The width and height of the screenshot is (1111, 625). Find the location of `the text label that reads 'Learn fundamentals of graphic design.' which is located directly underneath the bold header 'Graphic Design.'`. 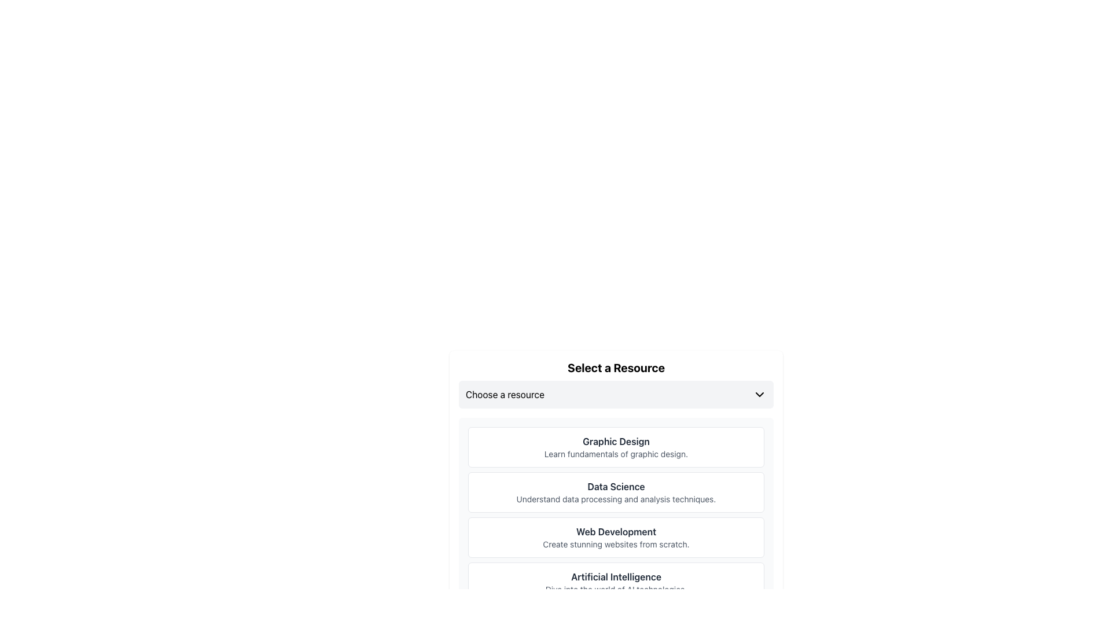

the text label that reads 'Learn fundamentals of graphic design.' which is located directly underneath the bold header 'Graphic Design.' is located at coordinates (616, 454).